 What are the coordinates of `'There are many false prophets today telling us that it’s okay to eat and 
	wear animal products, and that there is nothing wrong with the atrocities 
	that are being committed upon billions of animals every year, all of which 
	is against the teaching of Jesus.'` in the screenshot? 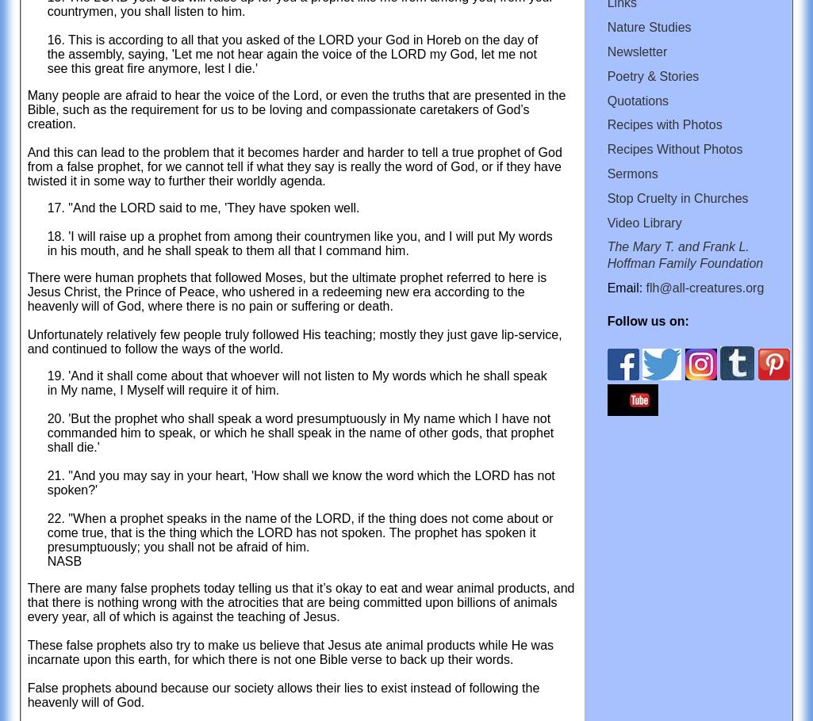 It's located at (301, 602).